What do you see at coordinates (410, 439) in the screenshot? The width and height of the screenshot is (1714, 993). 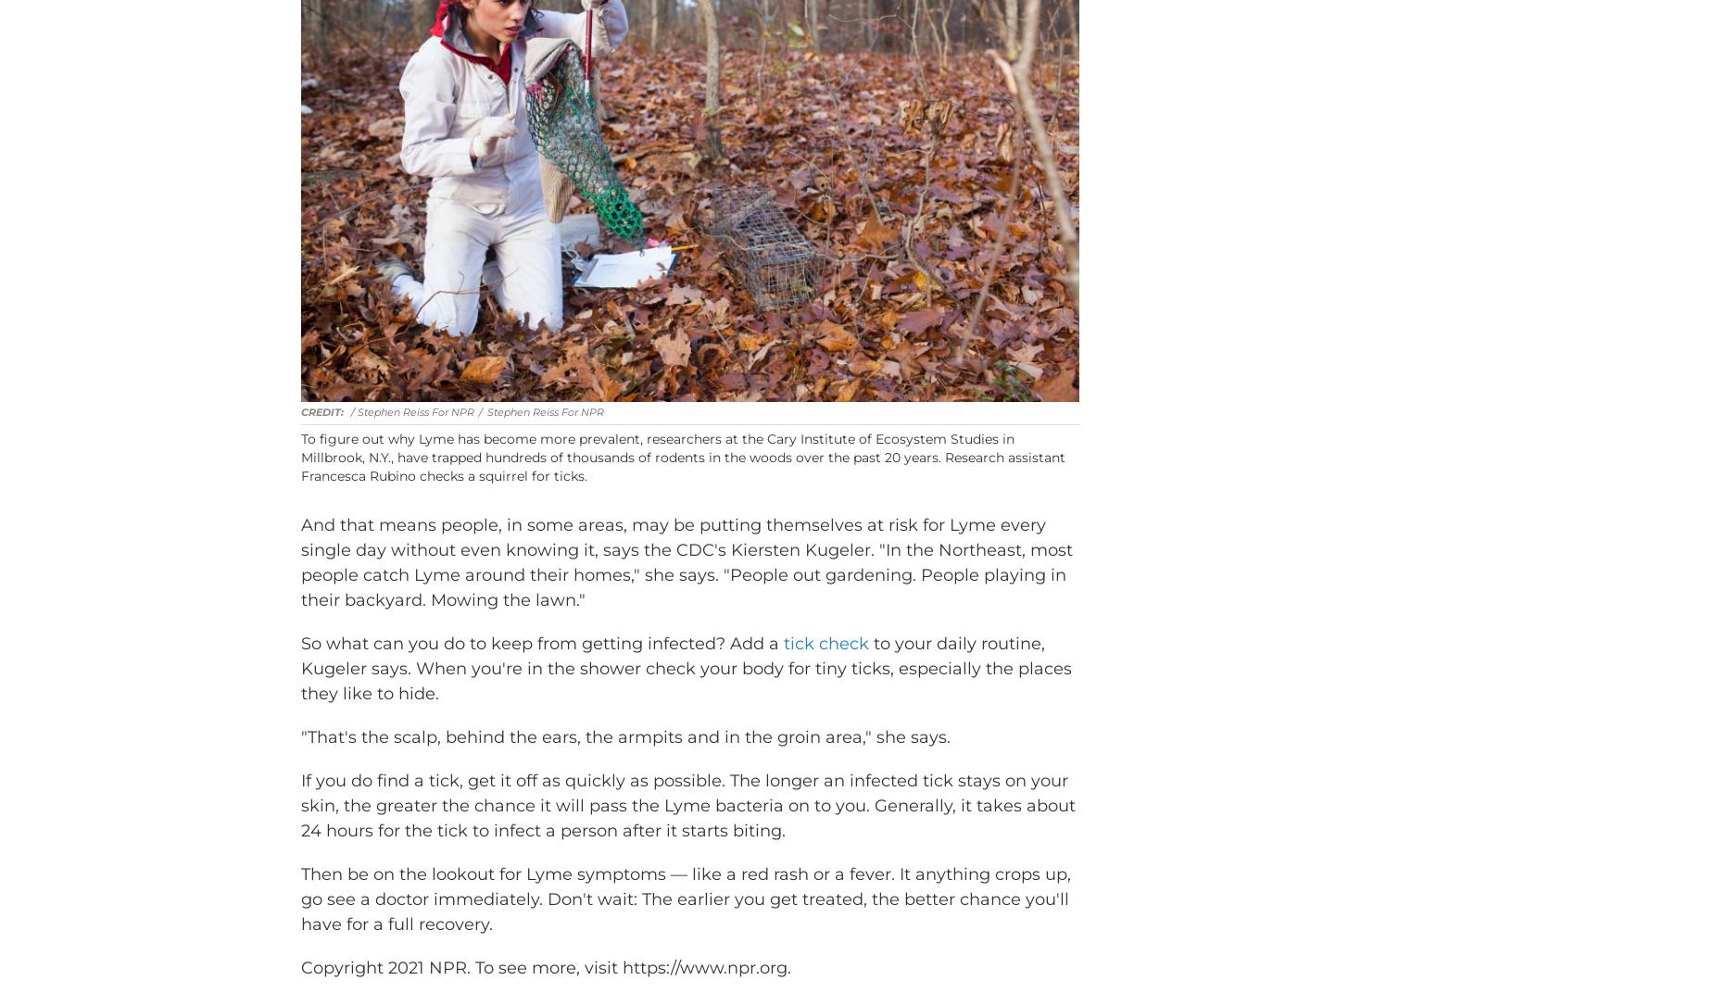 I see `'/ Stephen Reiss for NPR'` at bounding box center [410, 439].